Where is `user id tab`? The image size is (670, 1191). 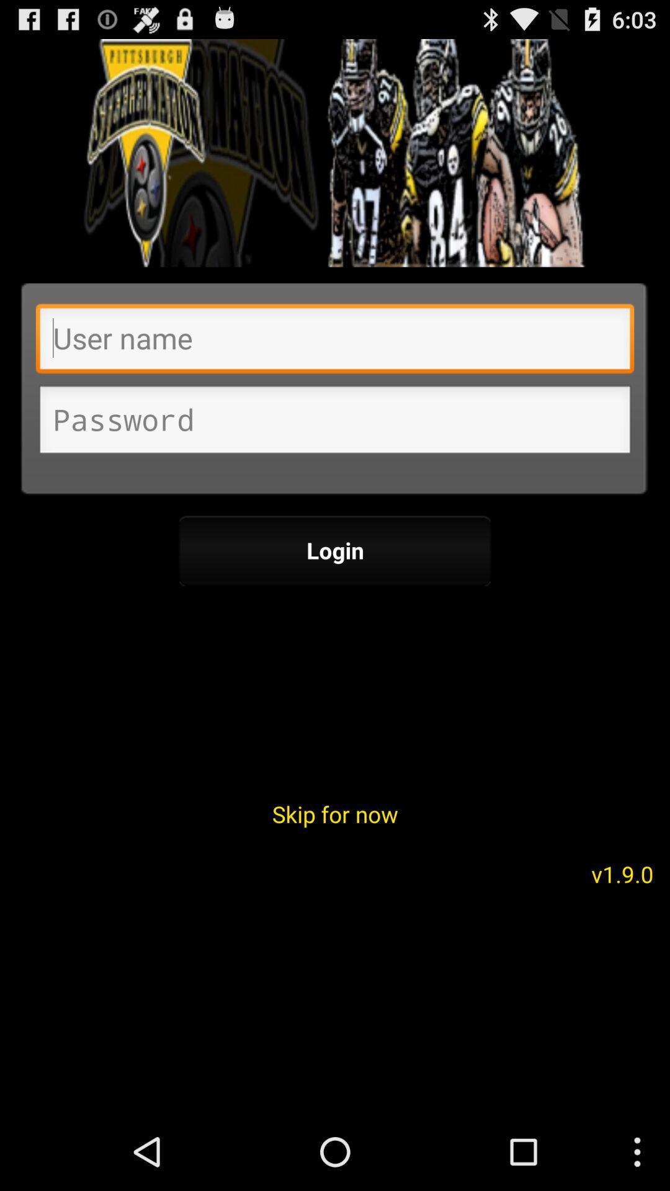 user id tab is located at coordinates (335, 342).